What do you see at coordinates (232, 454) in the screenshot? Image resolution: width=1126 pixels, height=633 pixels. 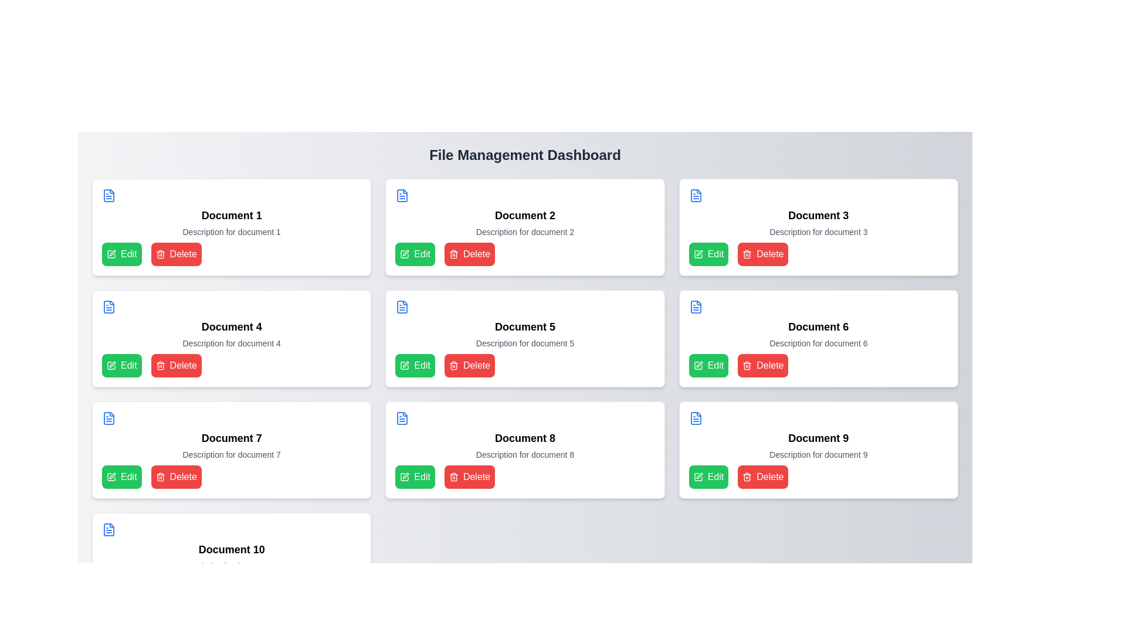 I see `the static text label that reads 'Description for document 7', which is located below the heading 'Document 7' in the left center column of the interface` at bounding box center [232, 454].